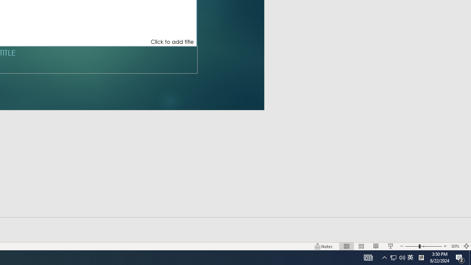 The height and width of the screenshot is (265, 471). Describe the element at coordinates (361, 246) in the screenshot. I see `'Slide Sorter'` at that location.